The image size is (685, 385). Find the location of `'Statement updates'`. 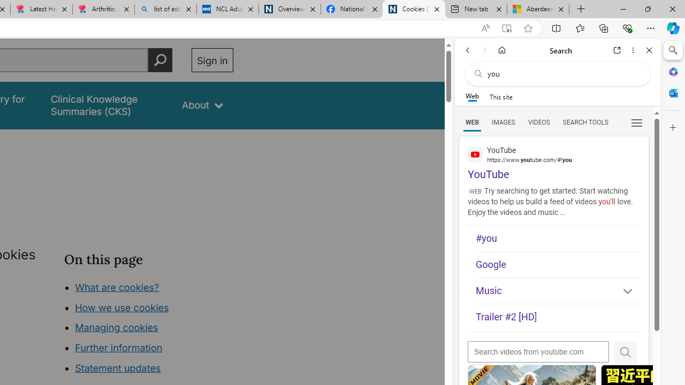

'Statement updates' is located at coordinates (118, 368).